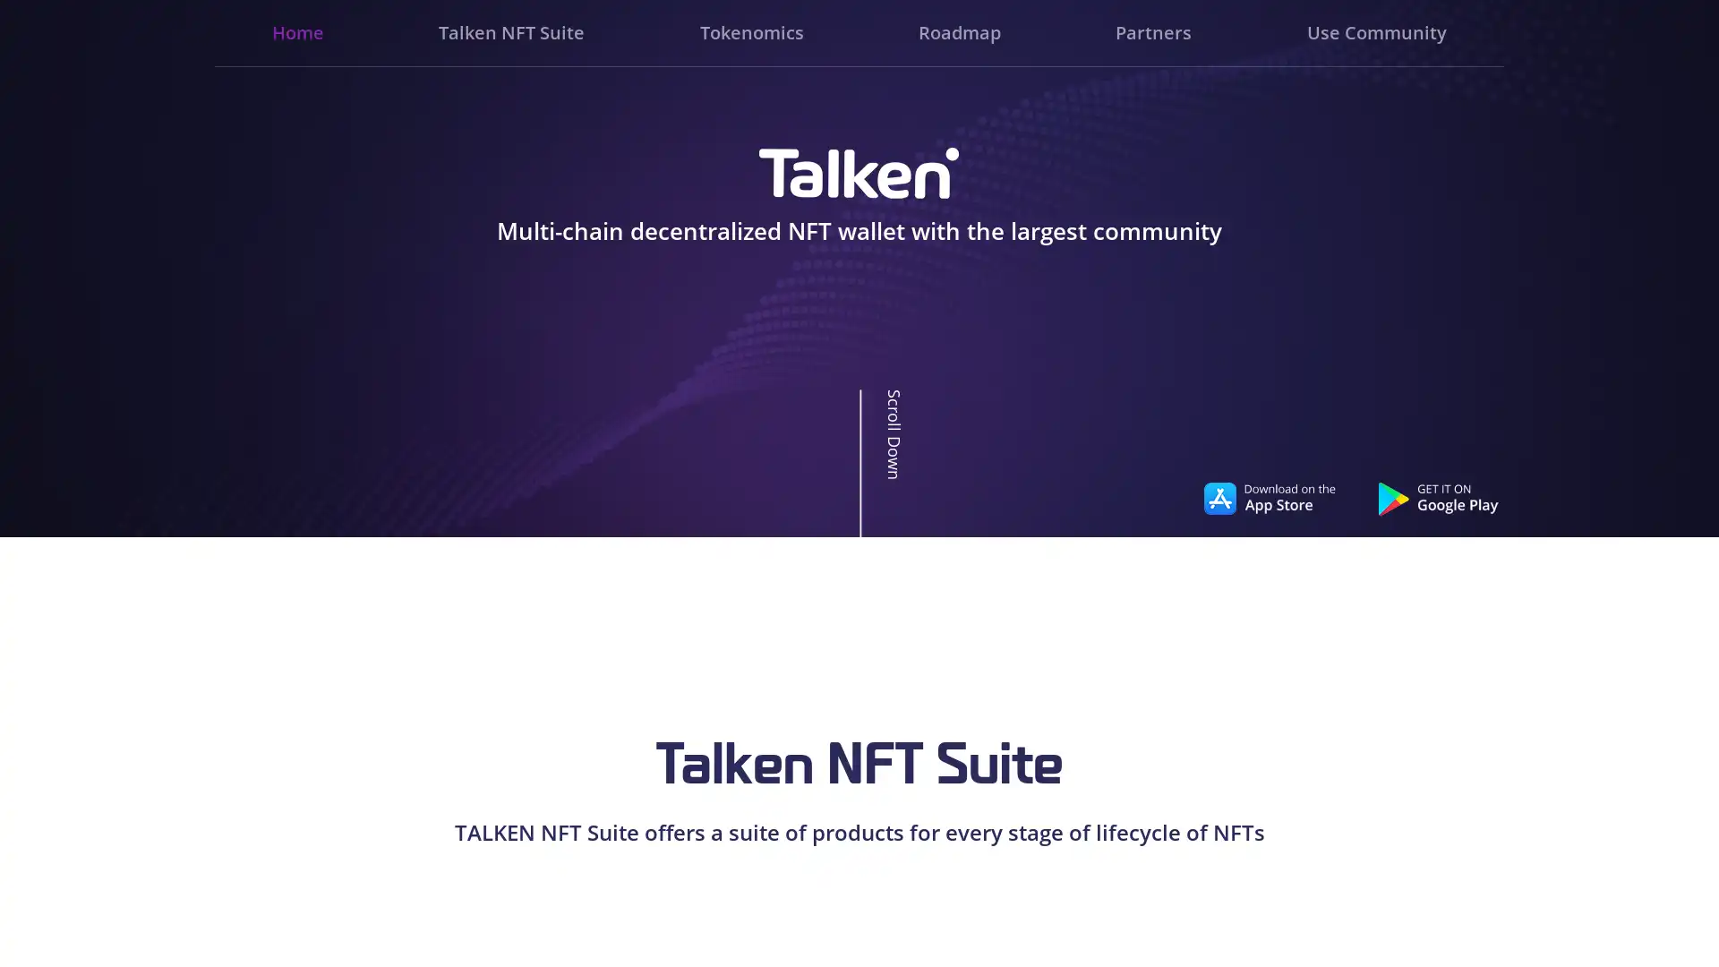 The width and height of the screenshot is (1719, 967). I want to click on Go to slide 3, so click(295, 759).